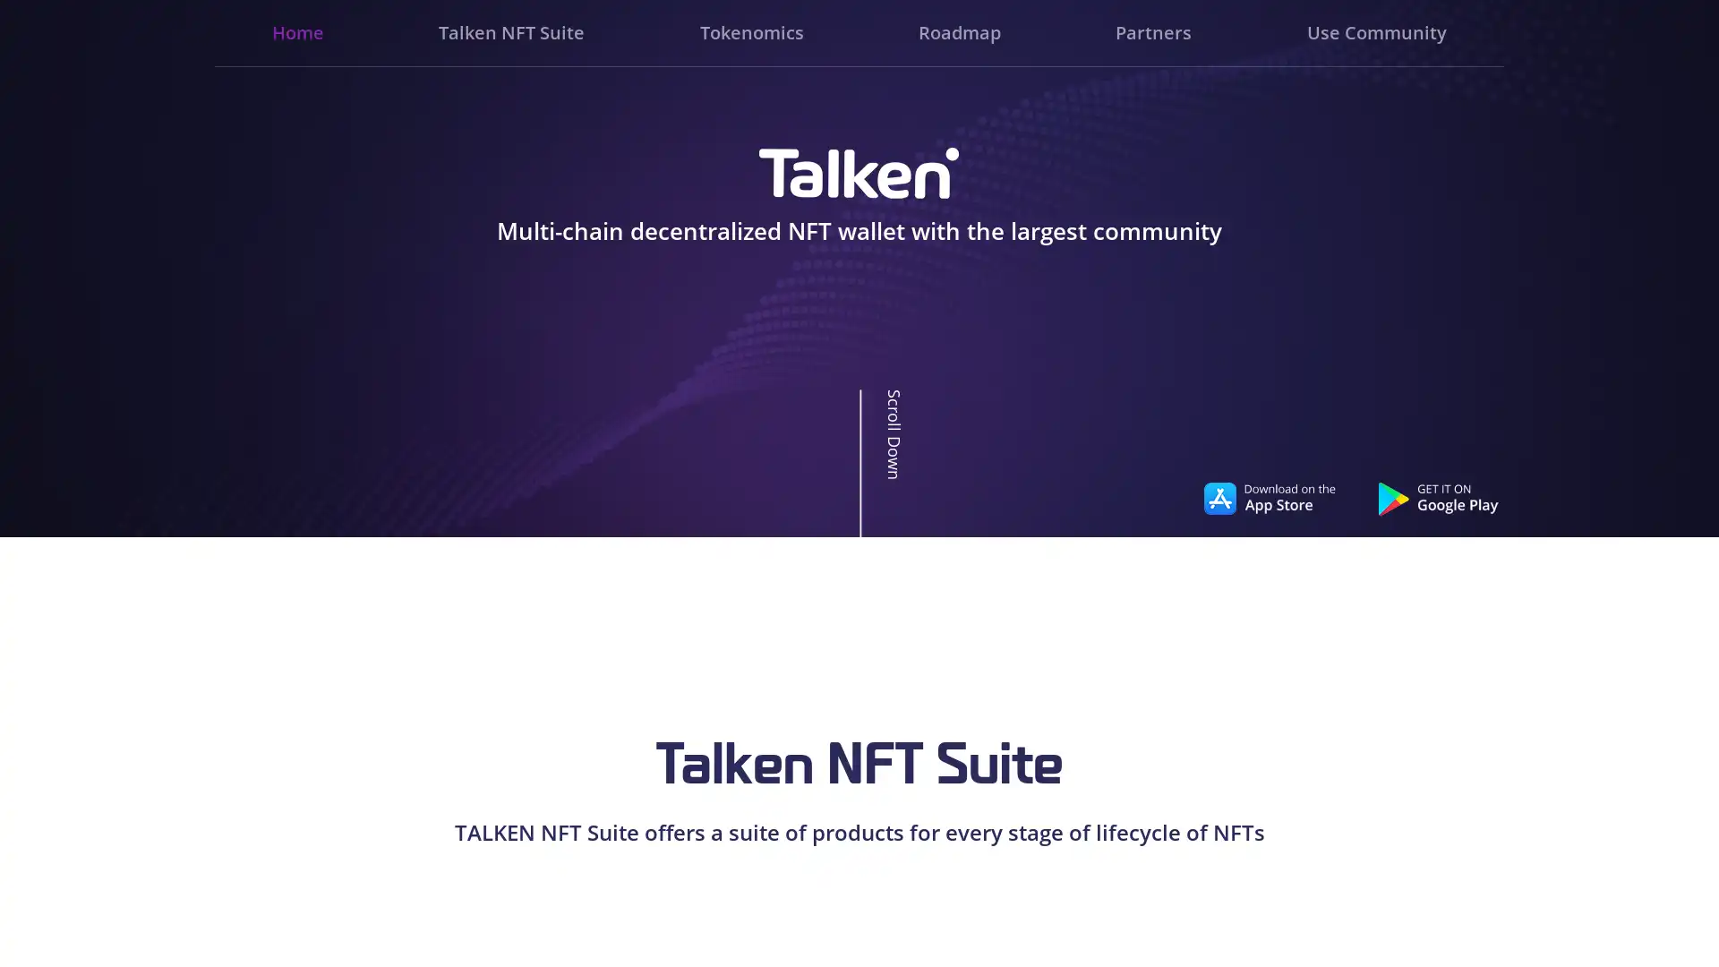 The width and height of the screenshot is (1719, 967). I want to click on Go to slide 3, so click(295, 759).